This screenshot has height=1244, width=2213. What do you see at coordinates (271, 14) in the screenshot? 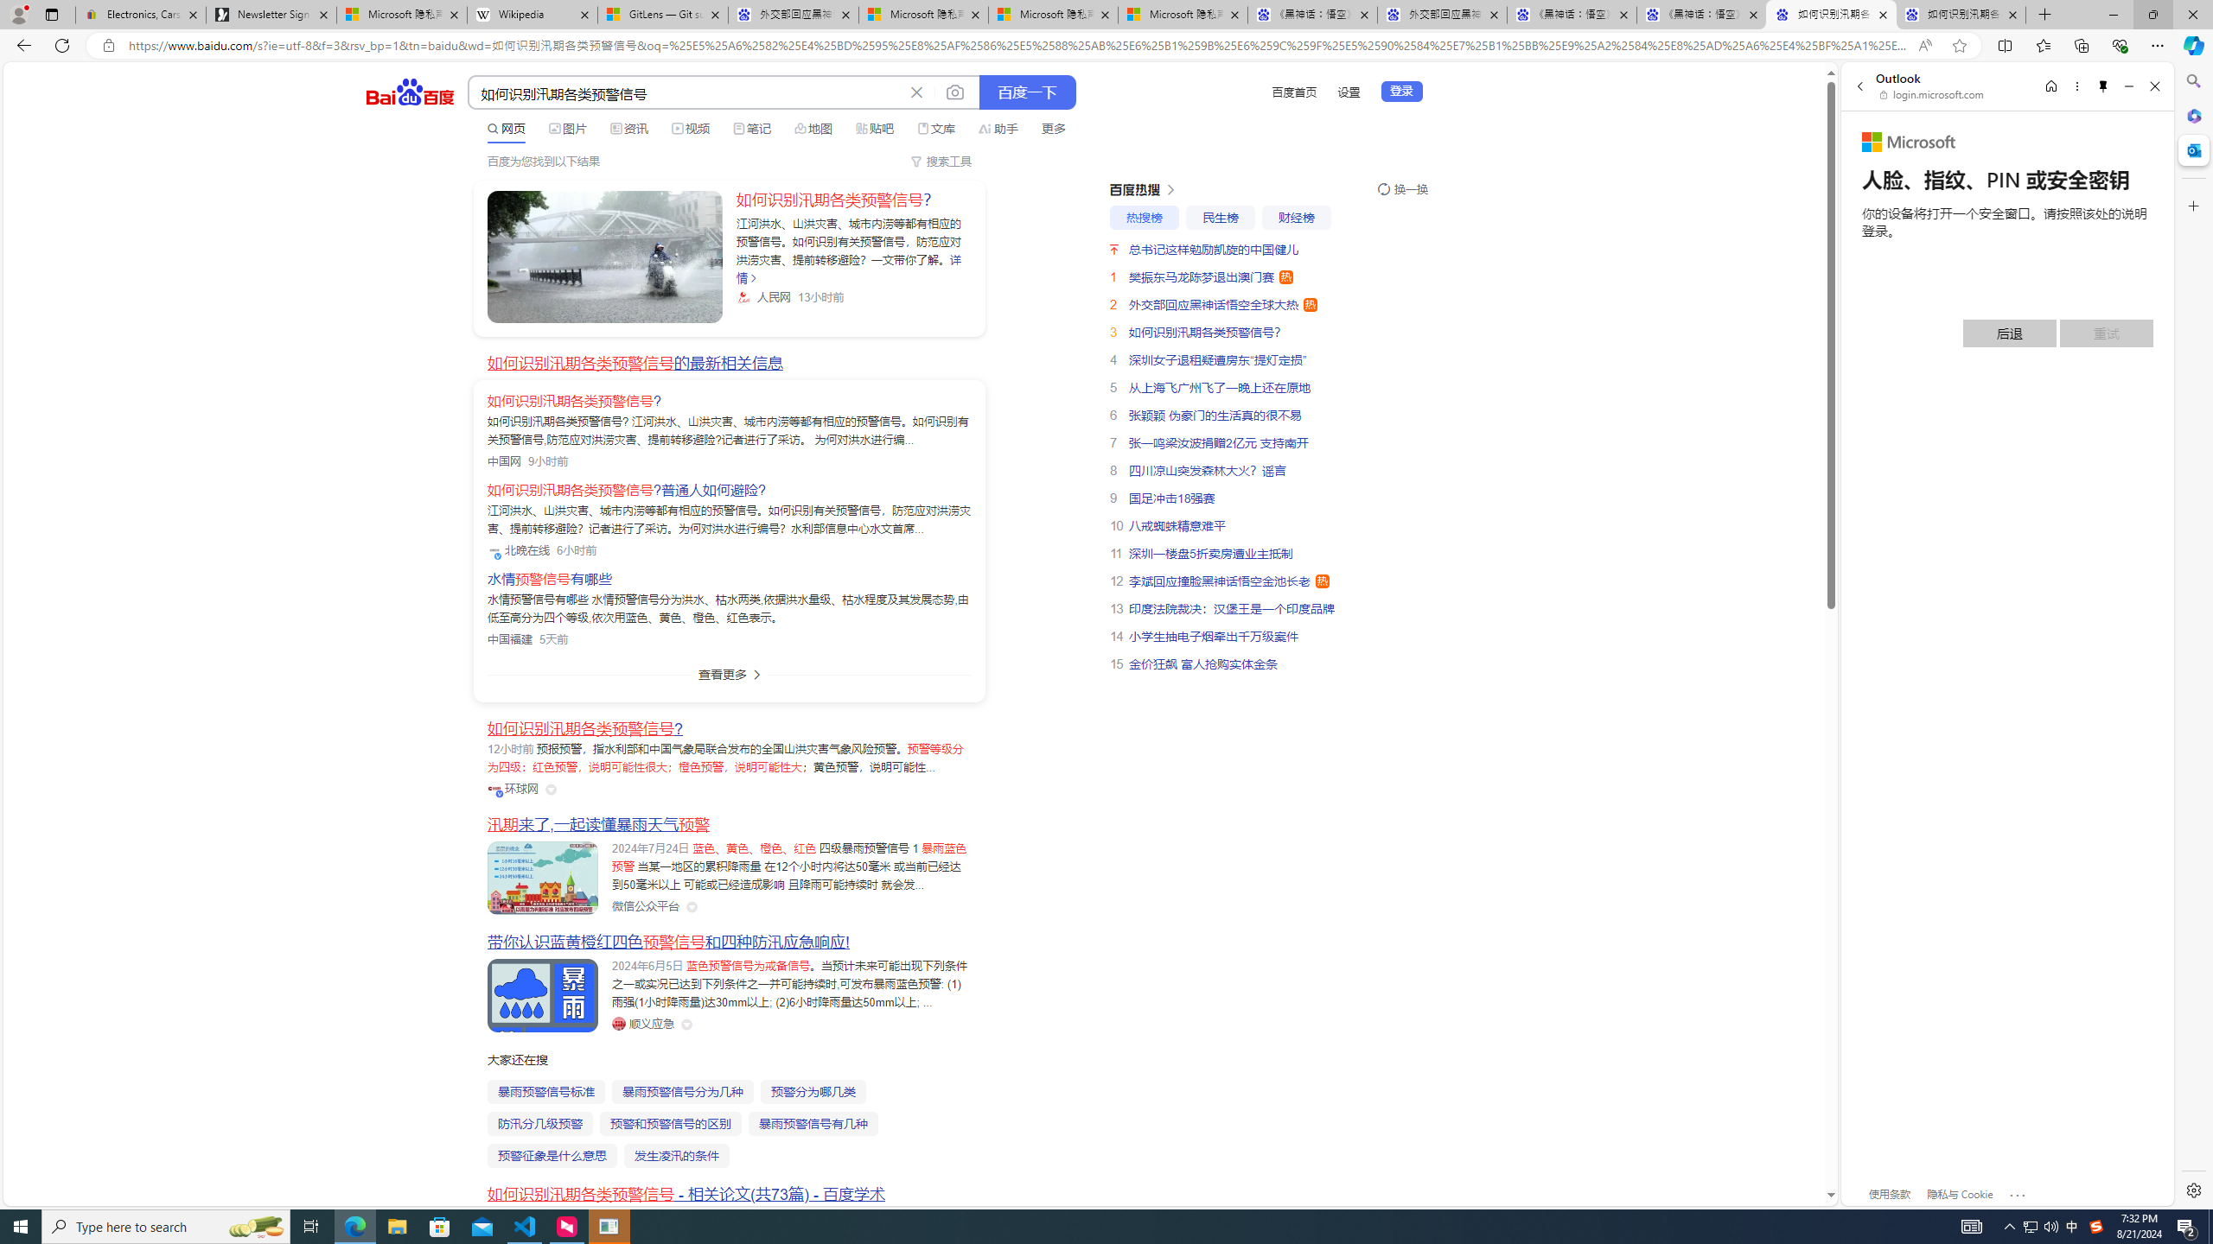
I see `'Newsletter Sign Up'` at bounding box center [271, 14].